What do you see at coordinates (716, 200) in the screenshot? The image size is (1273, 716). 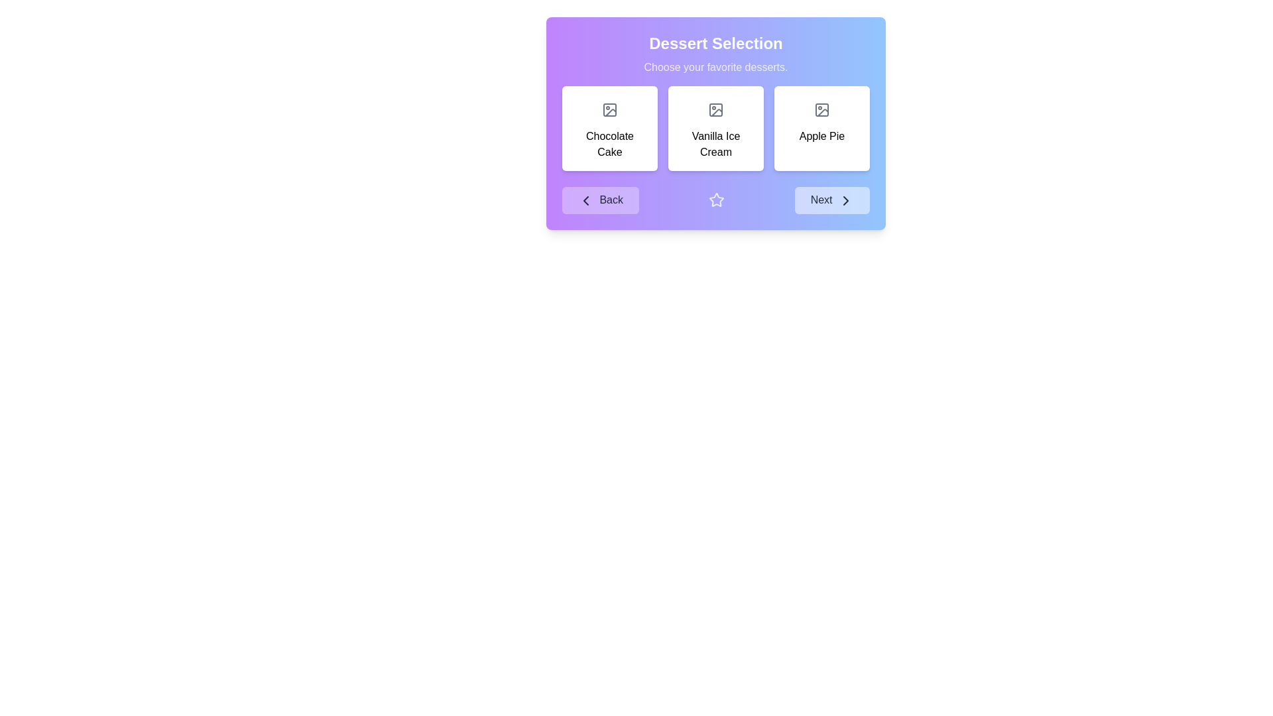 I see `the decorative star-shaped icon that is outlined with a semi-transparent white color, positioned centrally between the 'Back' and 'Next' buttons` at bounding box center [716, 200].